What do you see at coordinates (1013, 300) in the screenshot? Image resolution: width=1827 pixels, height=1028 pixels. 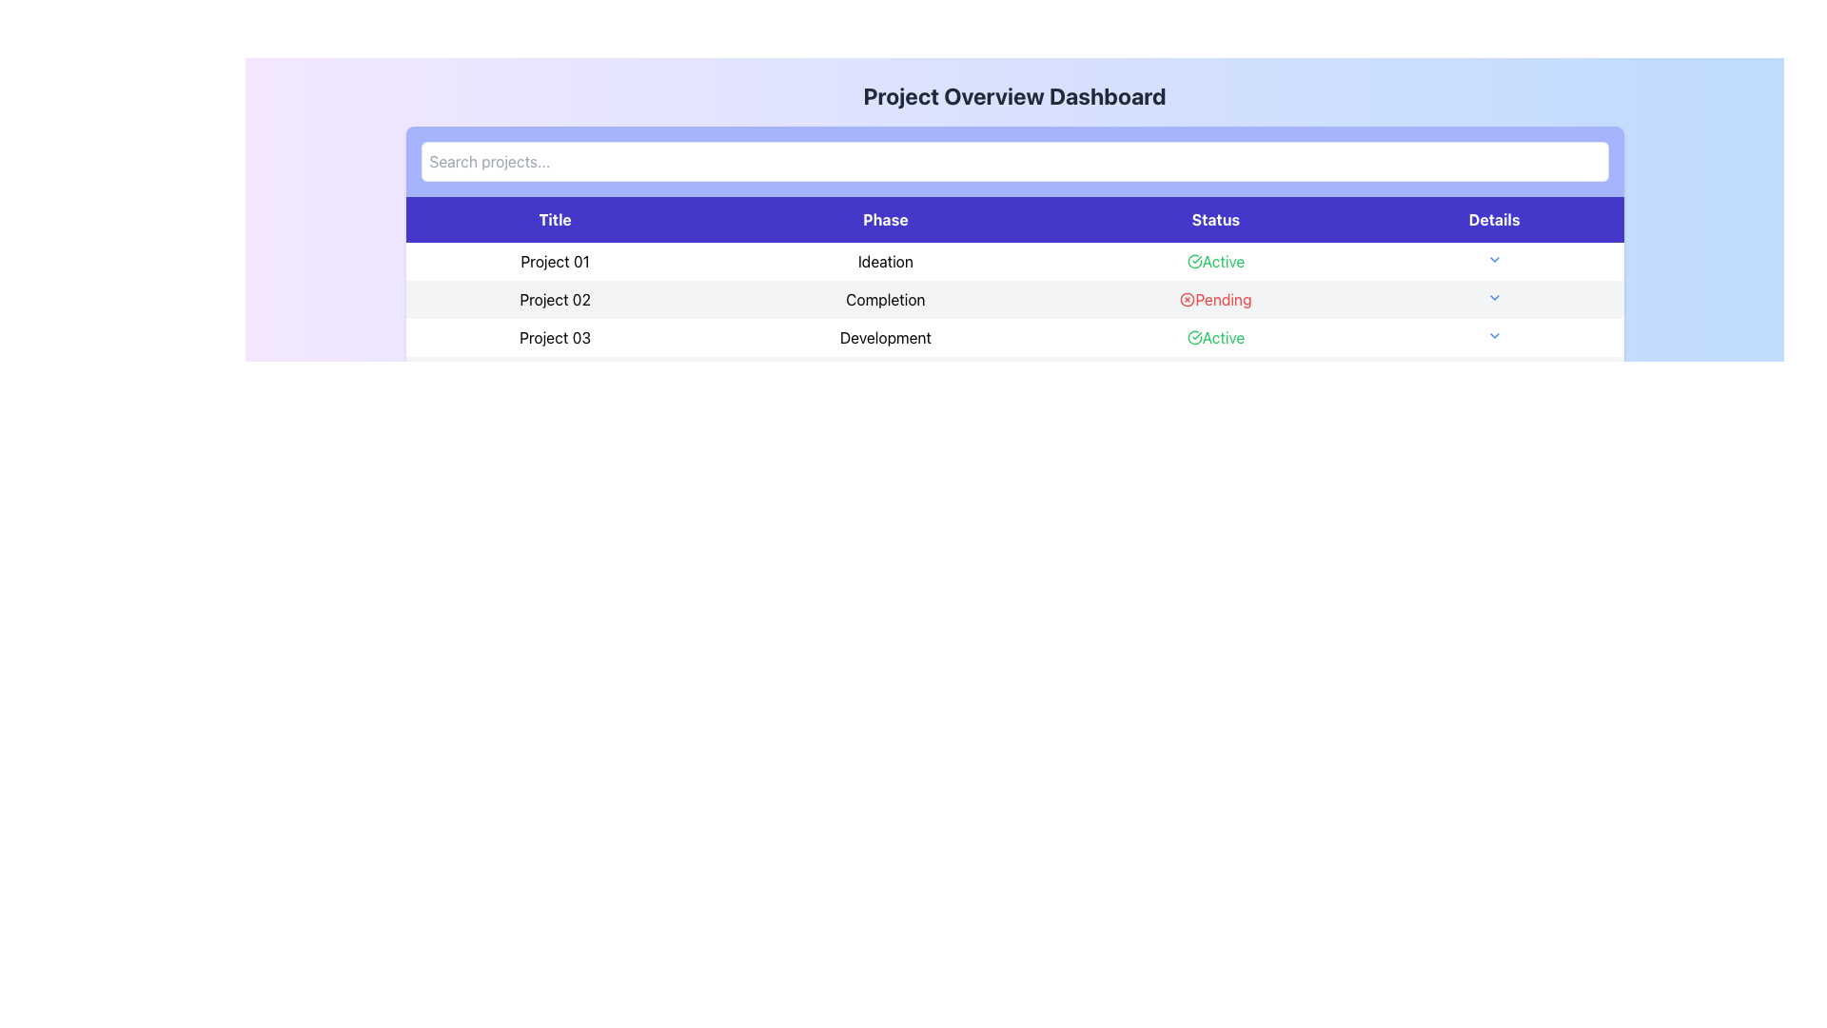 I see `the second row of the project management dashboard table, which displays the project title, current phase, and status` at bounding box center [1013, 300].